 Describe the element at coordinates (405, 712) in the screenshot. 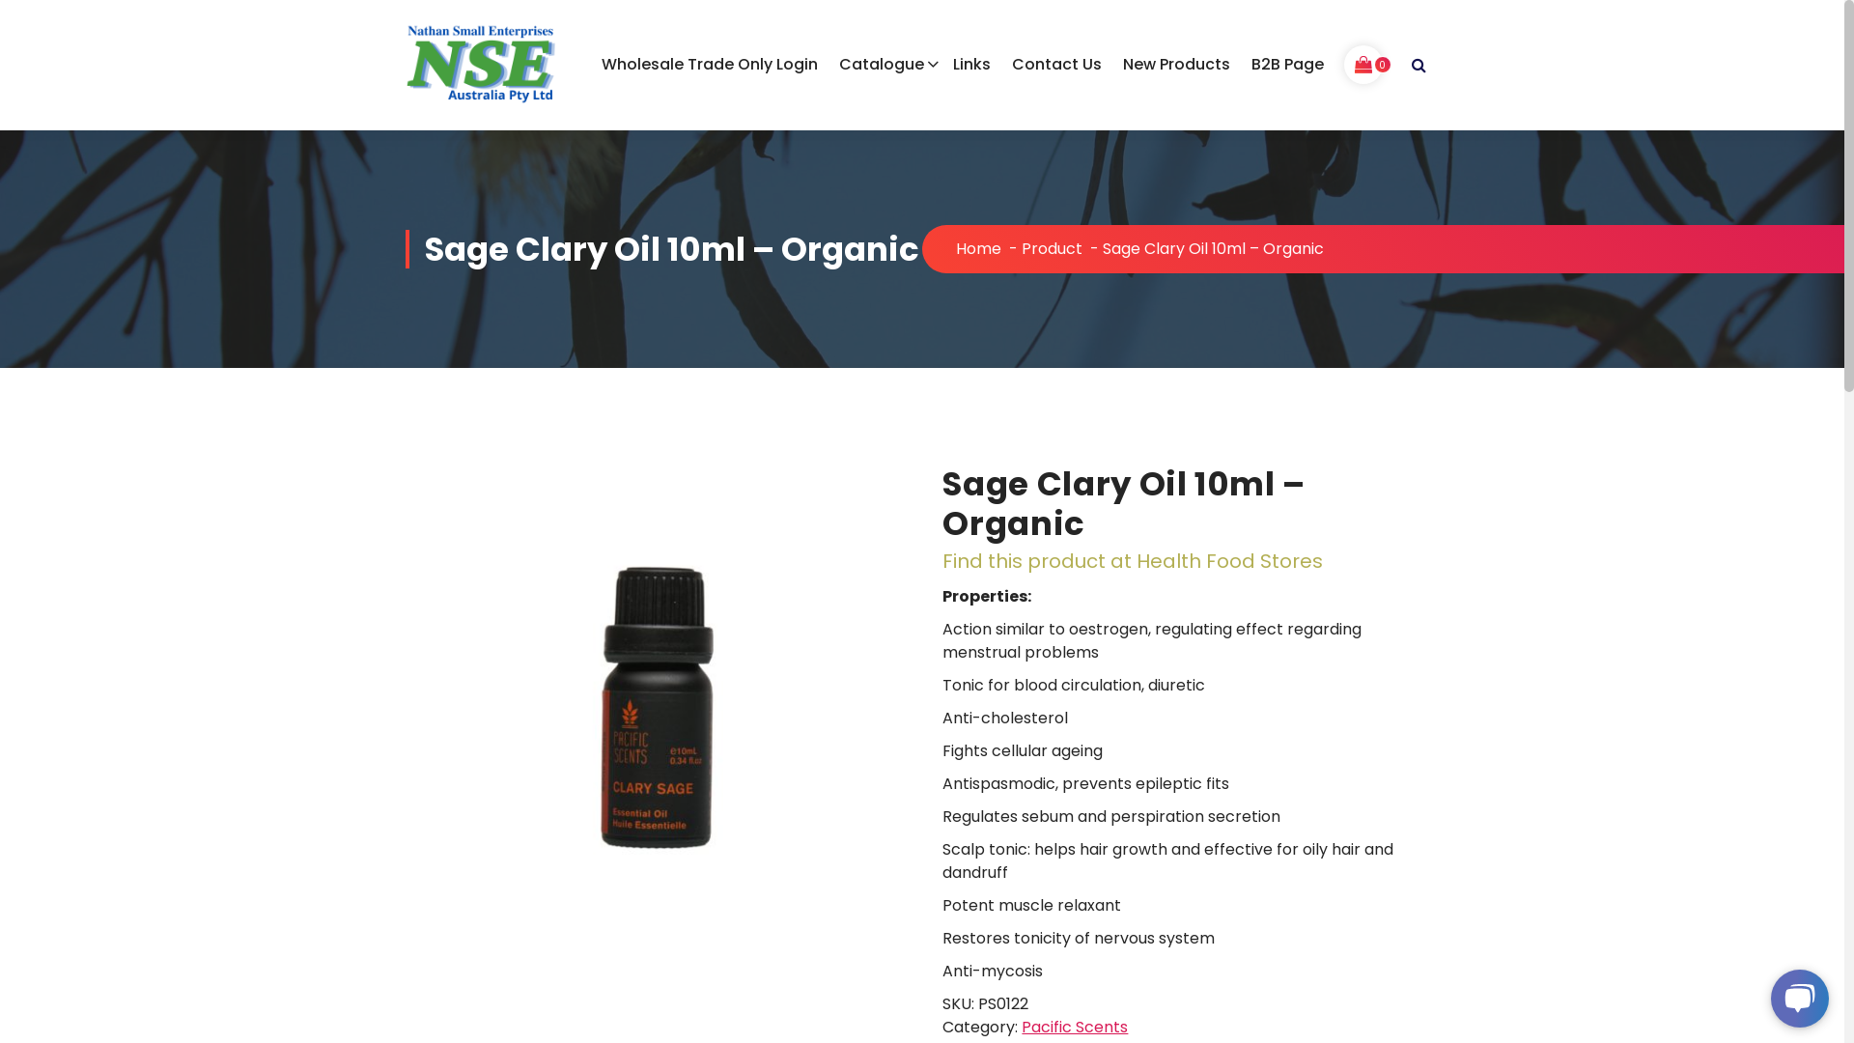

I see `'Clary Sage 10ml'` at that location.